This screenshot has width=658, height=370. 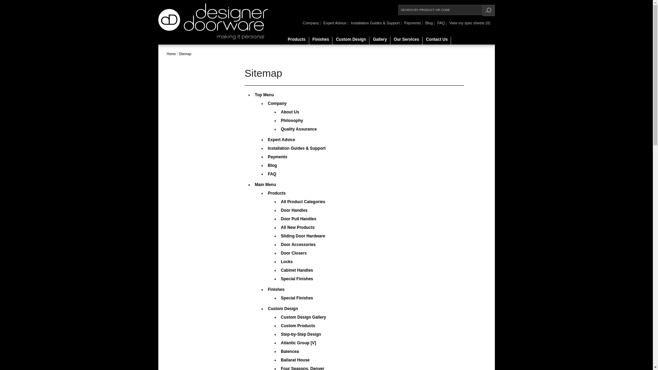 I want to click on 'Sitemap', so click(x=185, y=53).